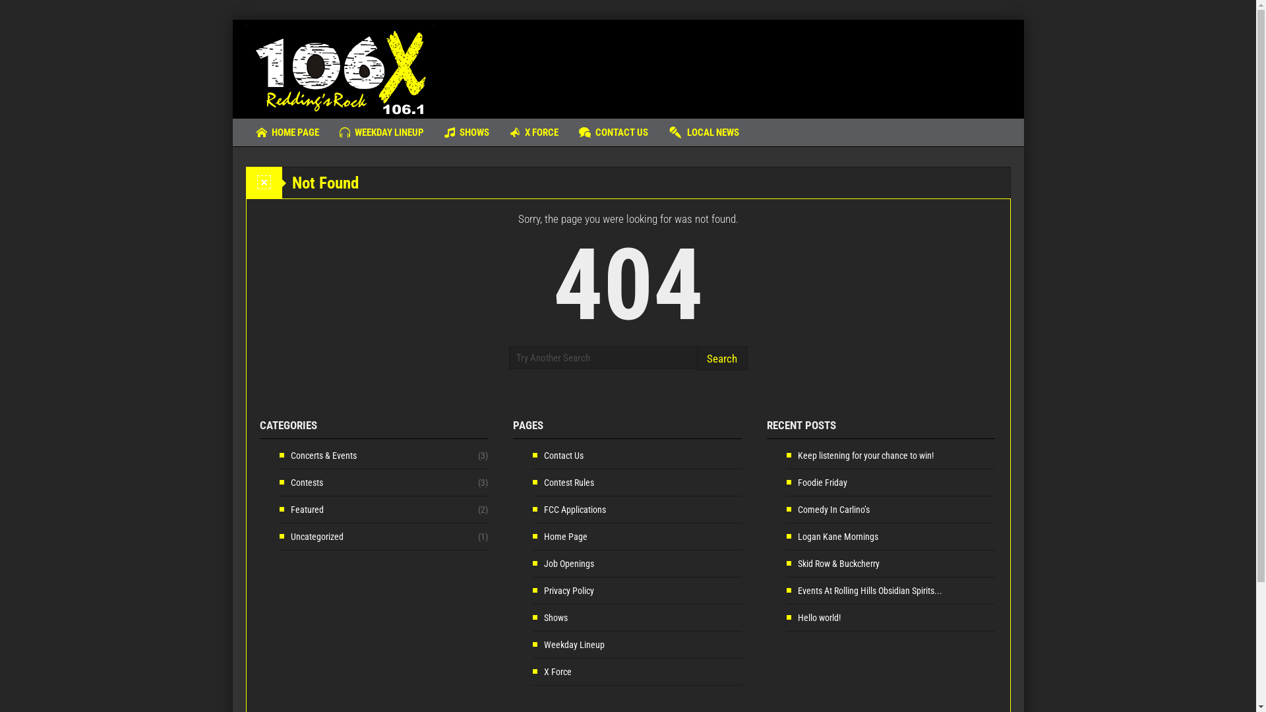 This screenshot has width=1266, height=712. What do you see at coordinates (339, 69) in the screenshot?
I see `'Redding's Rock 106X'` at bounding box center [339, 69].